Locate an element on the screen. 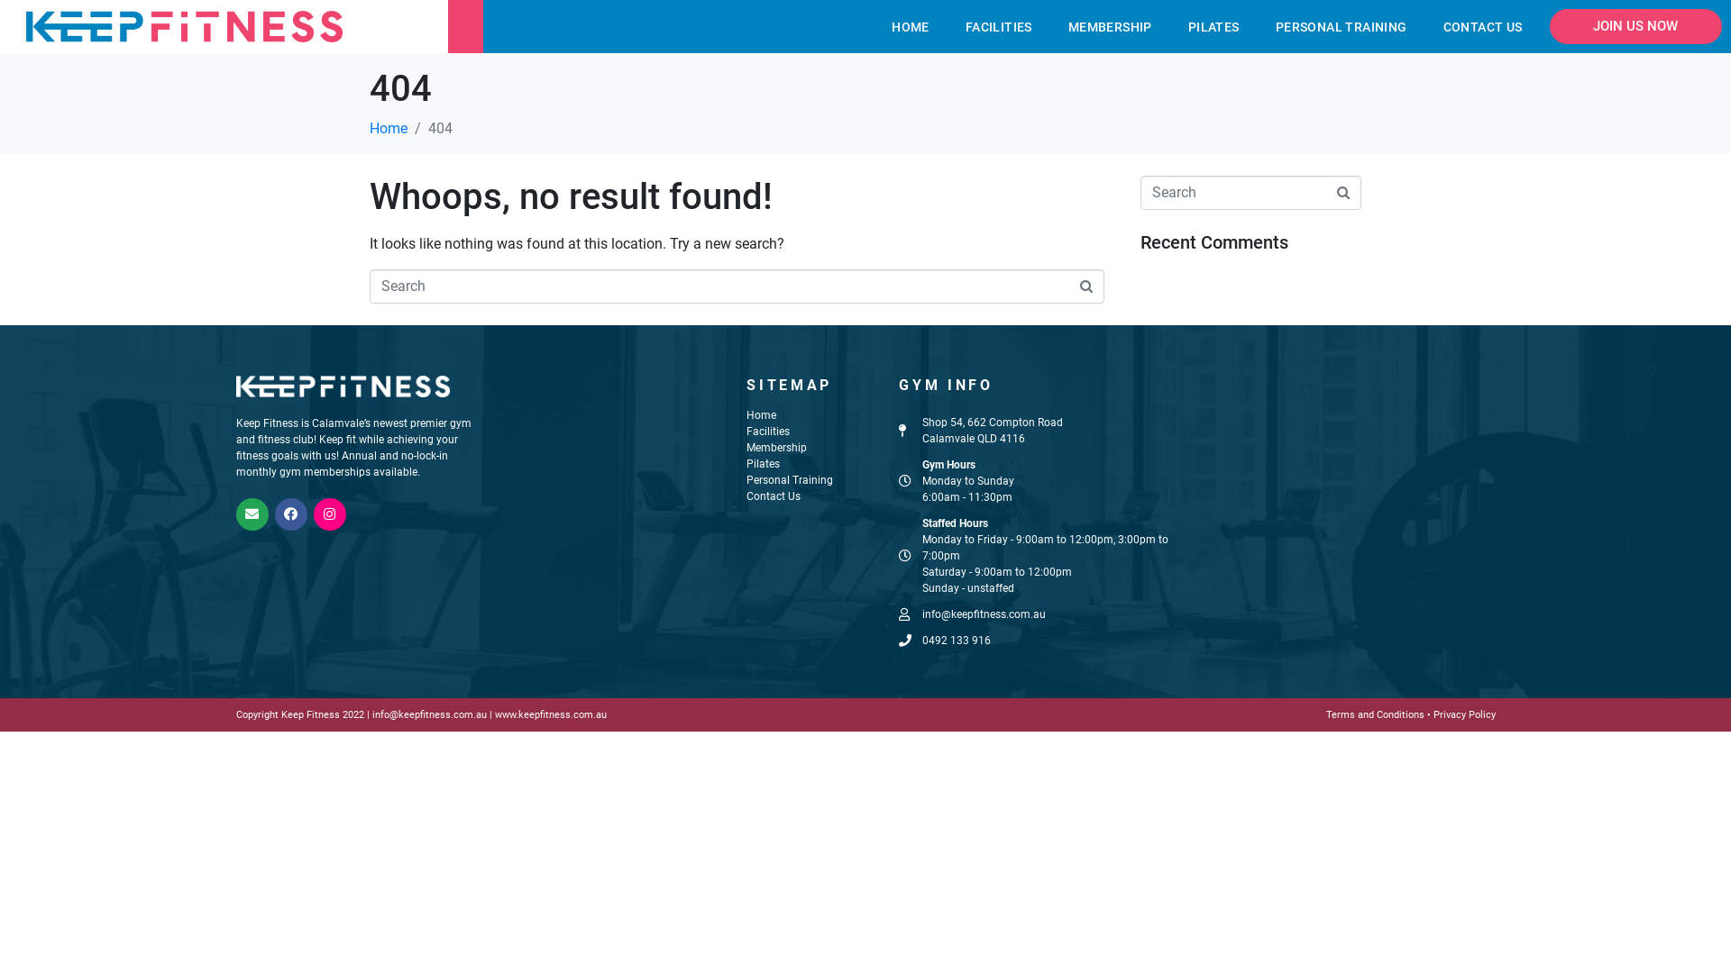  'JOIN US NOW' is located at coordinates (1635, 26).